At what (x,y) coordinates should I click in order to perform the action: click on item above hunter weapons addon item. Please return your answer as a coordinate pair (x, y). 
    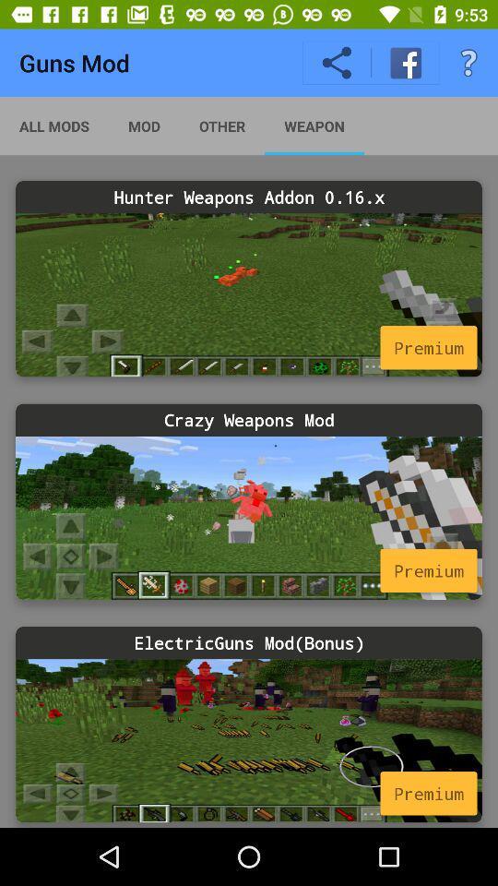
    Looking at the image, I should click on (222, 125).